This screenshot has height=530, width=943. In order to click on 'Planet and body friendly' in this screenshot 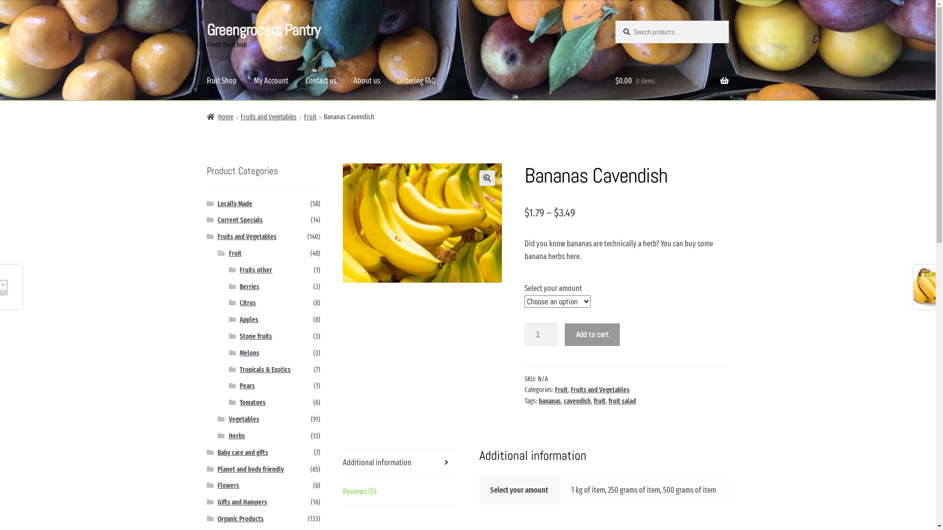, I will do `click(250, 469)`.